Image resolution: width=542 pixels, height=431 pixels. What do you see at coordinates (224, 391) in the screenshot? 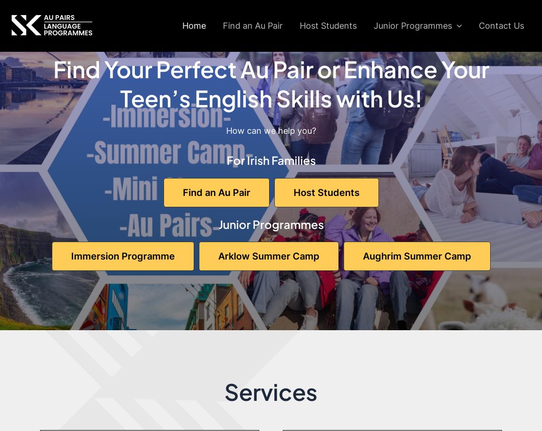
I see `'Services'` at bounding box center [224, 391].